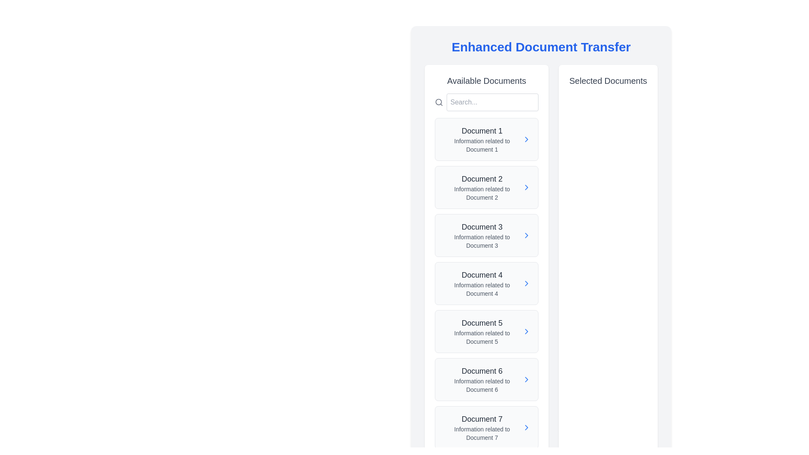  Describe the element at coordinates (482, 241) in the screenshot. I see `the text label displaying 'Information related to Document 3', which is styled in gray and positioned below the header 'Document 3' in the 'Available Documents' area` at that location.